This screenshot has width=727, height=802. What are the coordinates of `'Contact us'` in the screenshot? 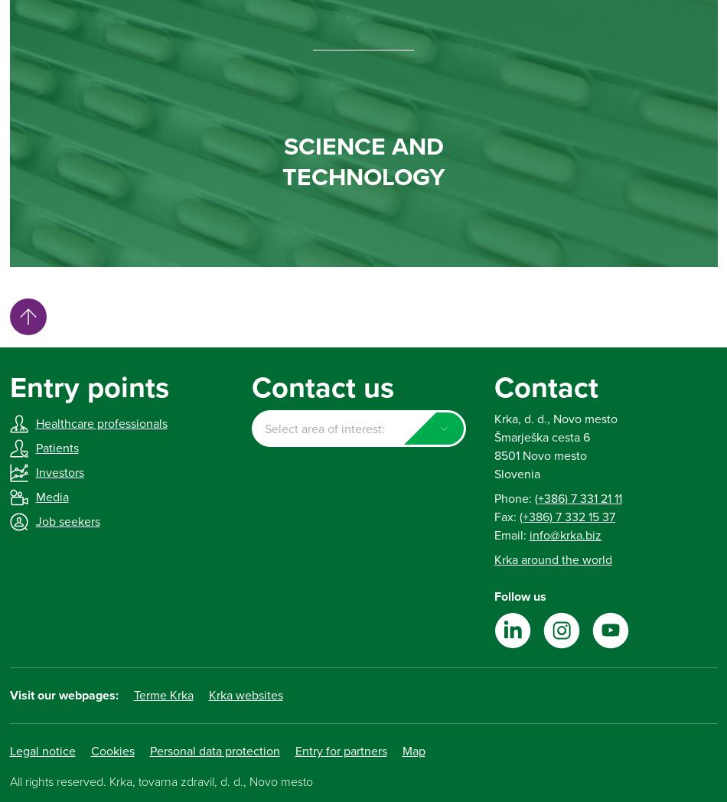 It's located at (321, 386).